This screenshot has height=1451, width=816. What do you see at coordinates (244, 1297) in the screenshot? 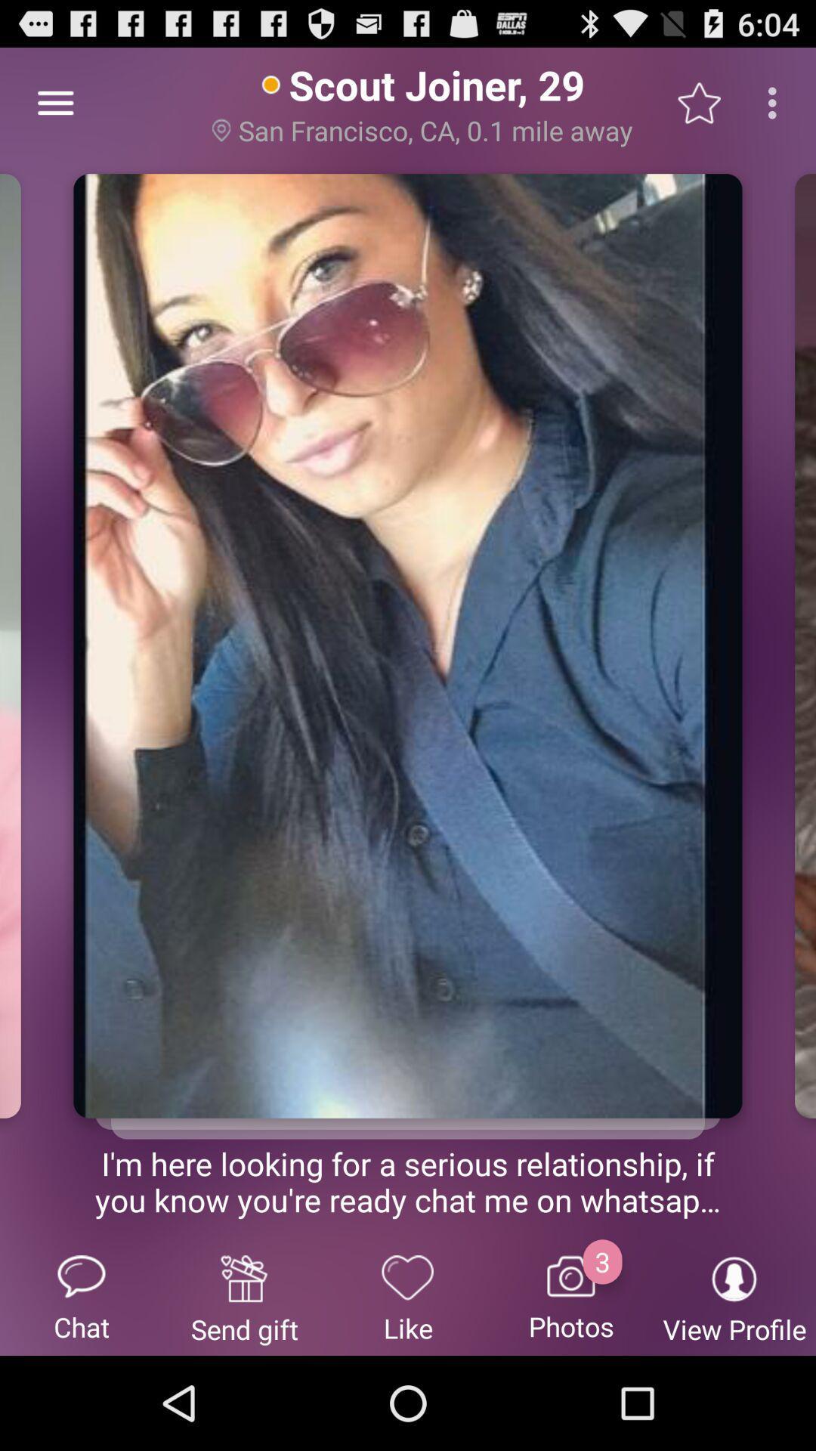
I see `the second option from the left bottom of the page` at bounding box center [244, 1297].